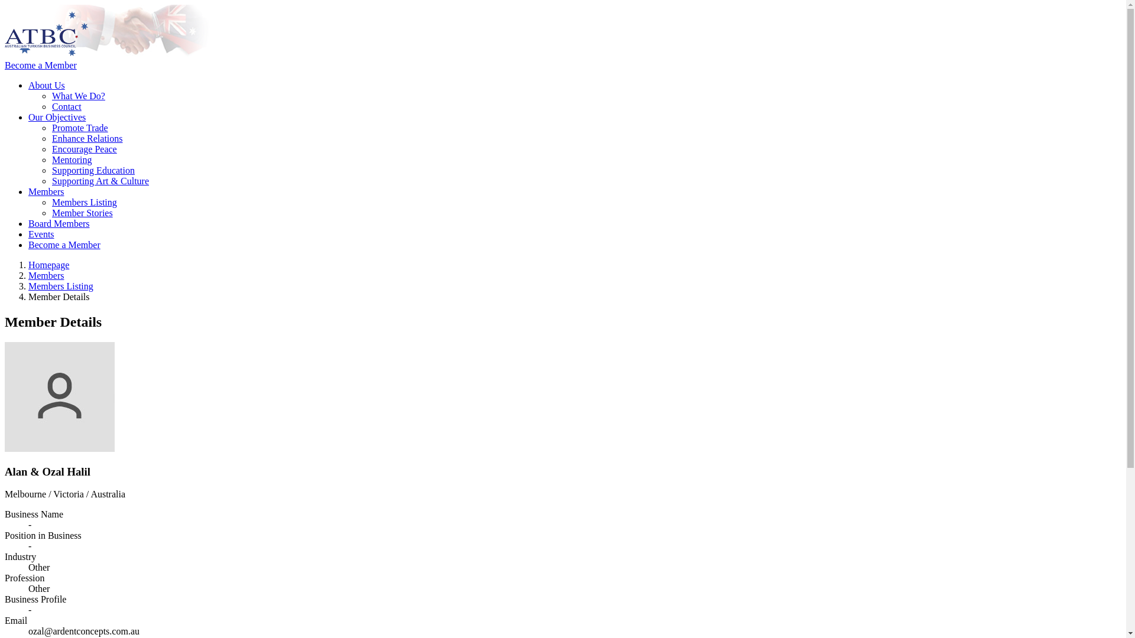 The image size is (1135, 638). What do you see at coordinates (41, 234) in the screenshot?
I see `'Events'` at bounding box center [41, 234].